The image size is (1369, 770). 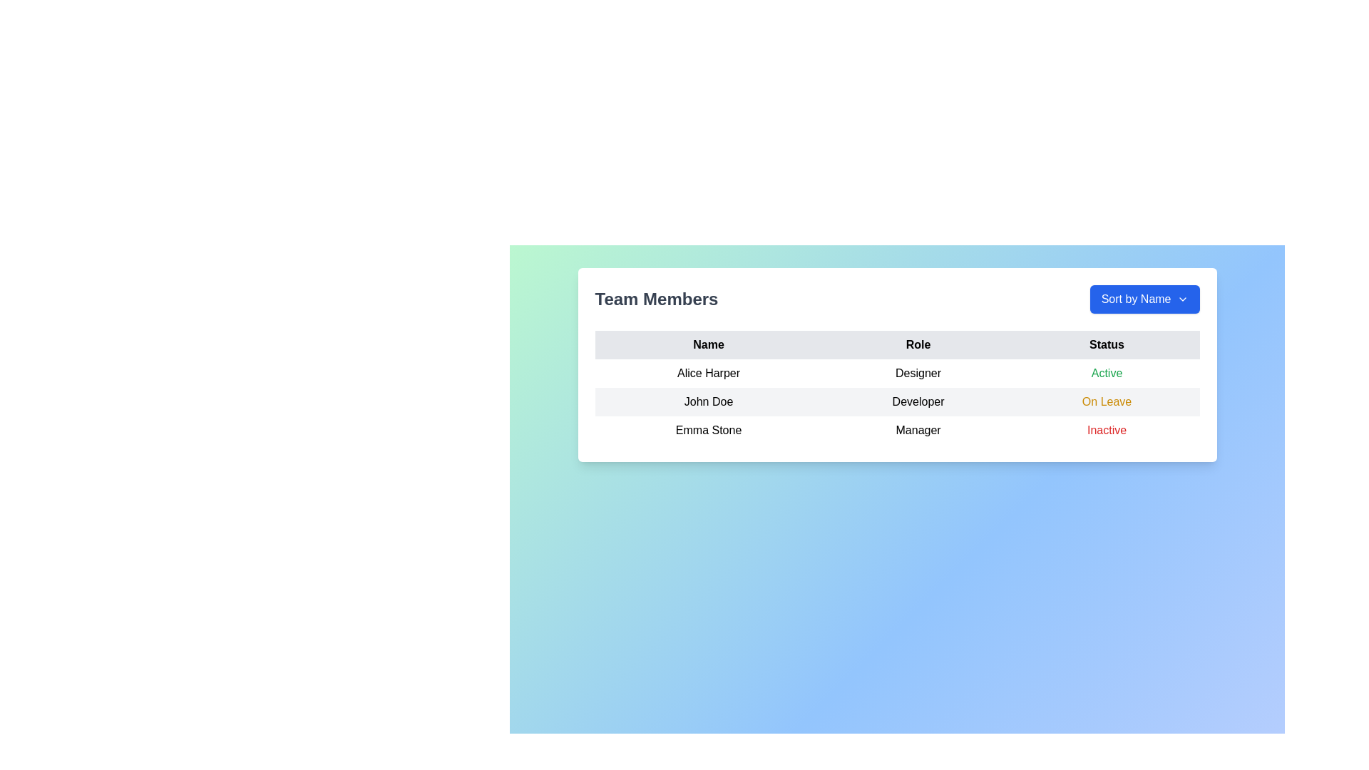 I want to click on the 'Name' column header in the 'Team Members' data table, which is the left-most header among three, labeled as 'Name', 'Role', and 'Status', so click(x=708, y=344).